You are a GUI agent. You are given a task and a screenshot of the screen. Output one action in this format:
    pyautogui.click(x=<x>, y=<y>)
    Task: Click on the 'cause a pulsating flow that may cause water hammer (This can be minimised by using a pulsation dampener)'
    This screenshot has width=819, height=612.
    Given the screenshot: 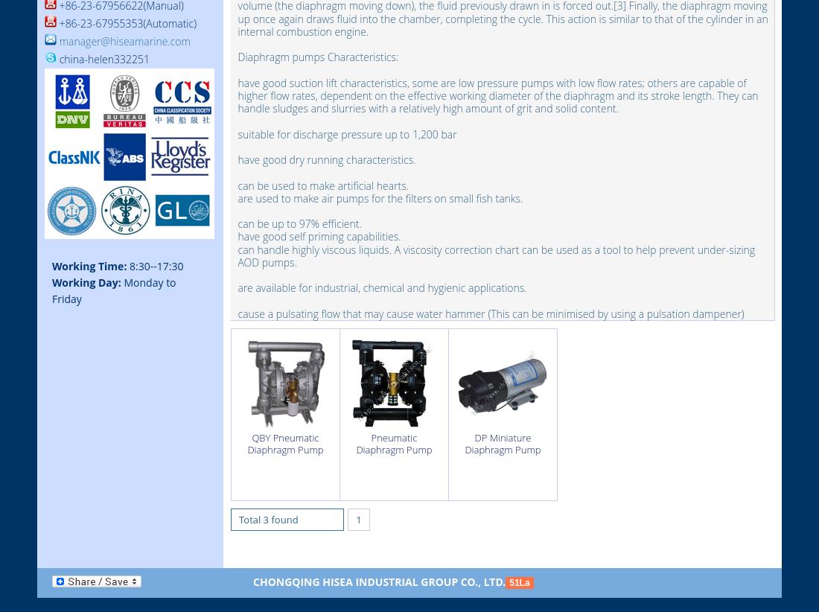 What is the action you would take?
    pyautogui.click(x=491, y=312)
    